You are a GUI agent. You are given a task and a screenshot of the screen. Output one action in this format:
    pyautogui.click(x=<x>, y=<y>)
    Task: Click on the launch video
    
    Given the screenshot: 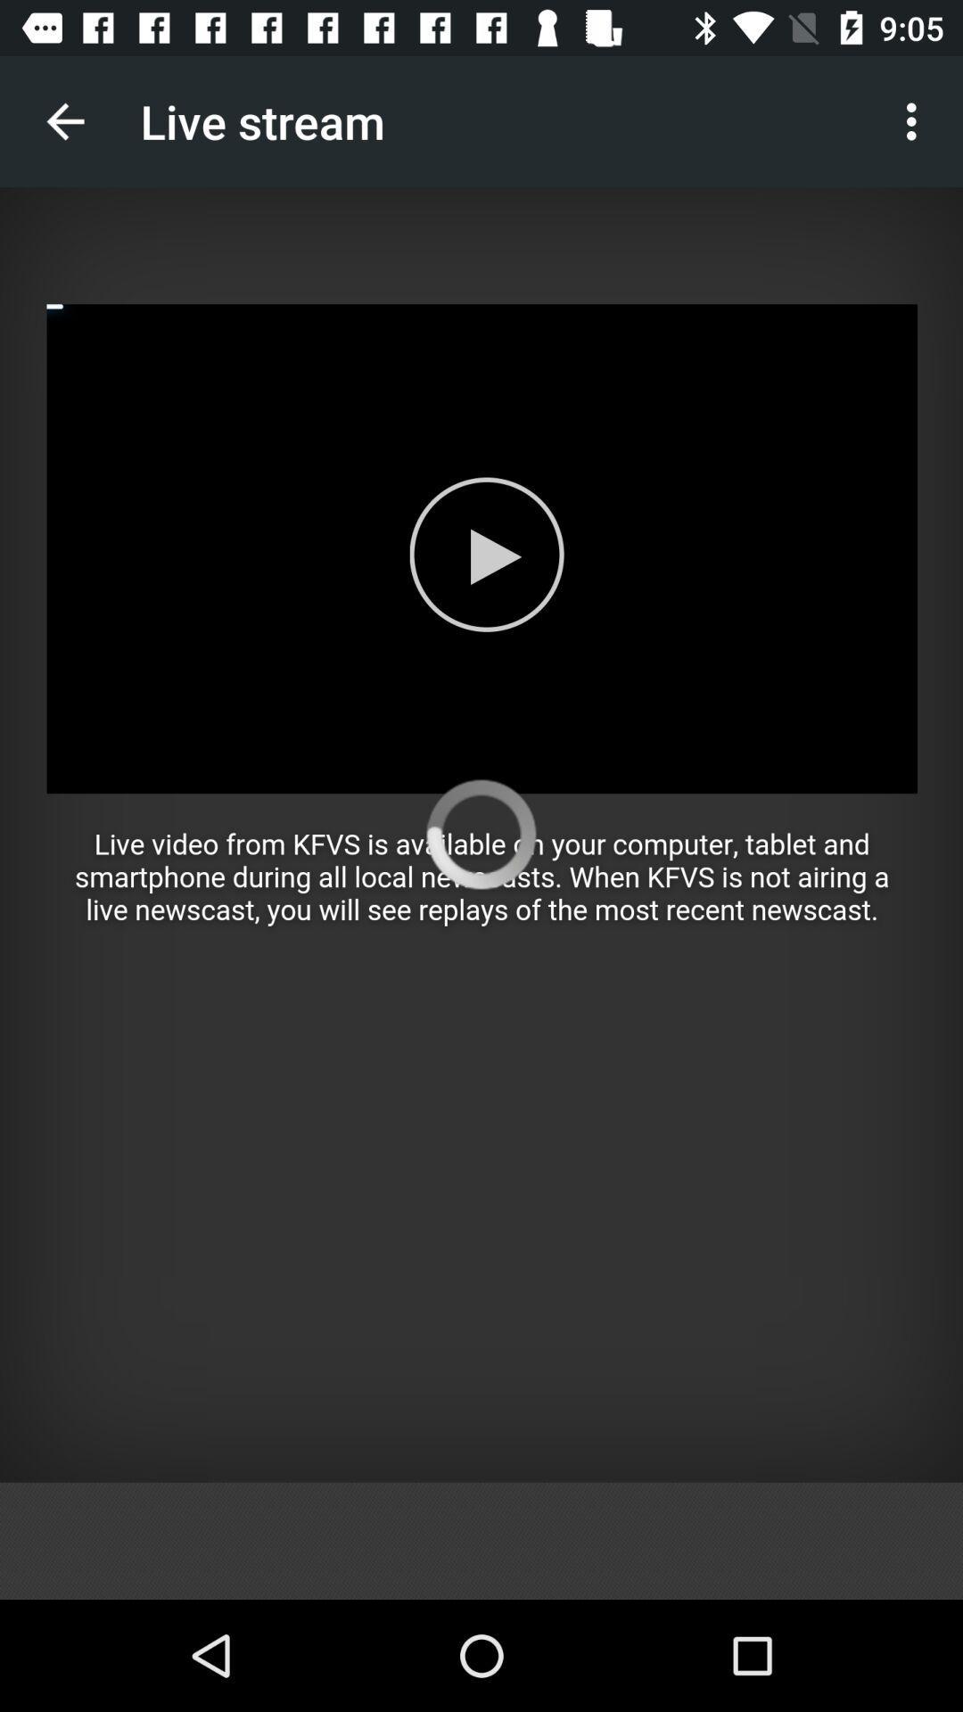 What is the action you would take?
    pyautogui.click(x=481, y=834)
    